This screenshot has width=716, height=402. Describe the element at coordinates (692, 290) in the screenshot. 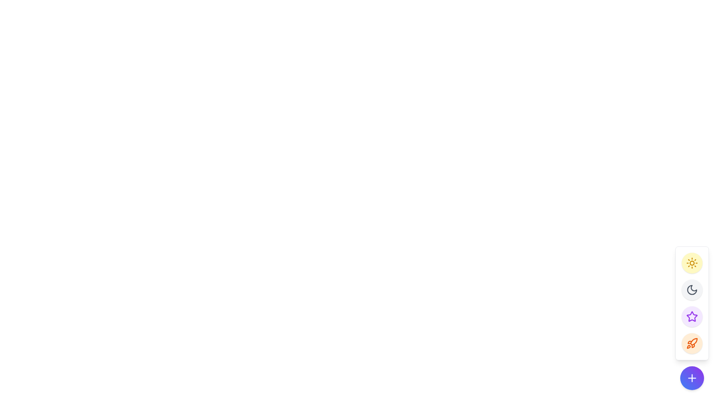

I see `the circular button with a dark gray background featuring a crescent moon icon` at that location.